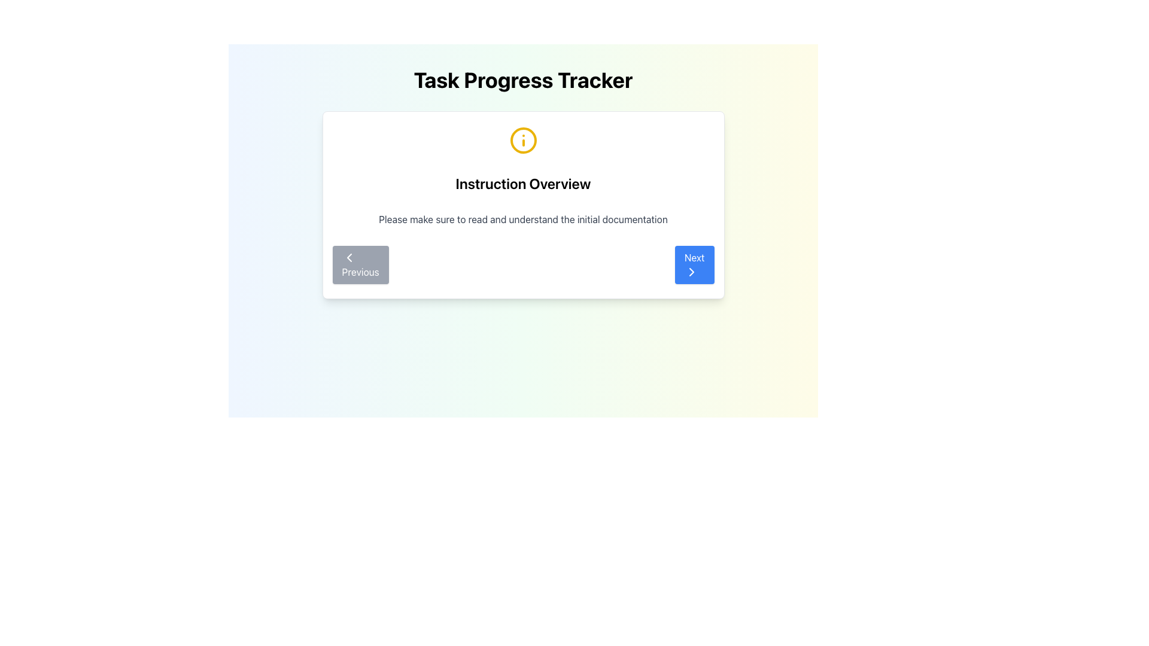  I want to click on the right-pointing chevron icon inside the blue circular button labeled 'Next', so click(691, 272).